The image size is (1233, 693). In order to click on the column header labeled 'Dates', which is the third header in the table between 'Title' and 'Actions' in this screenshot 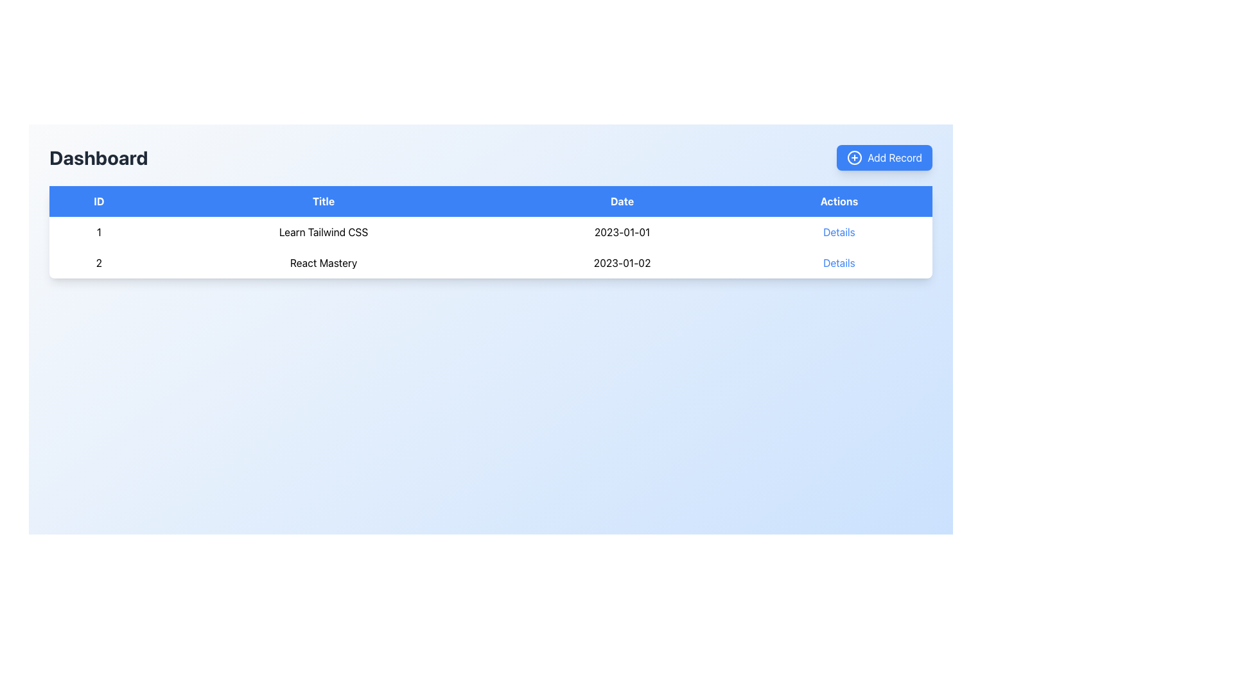, I will do `click(622, 201)`.